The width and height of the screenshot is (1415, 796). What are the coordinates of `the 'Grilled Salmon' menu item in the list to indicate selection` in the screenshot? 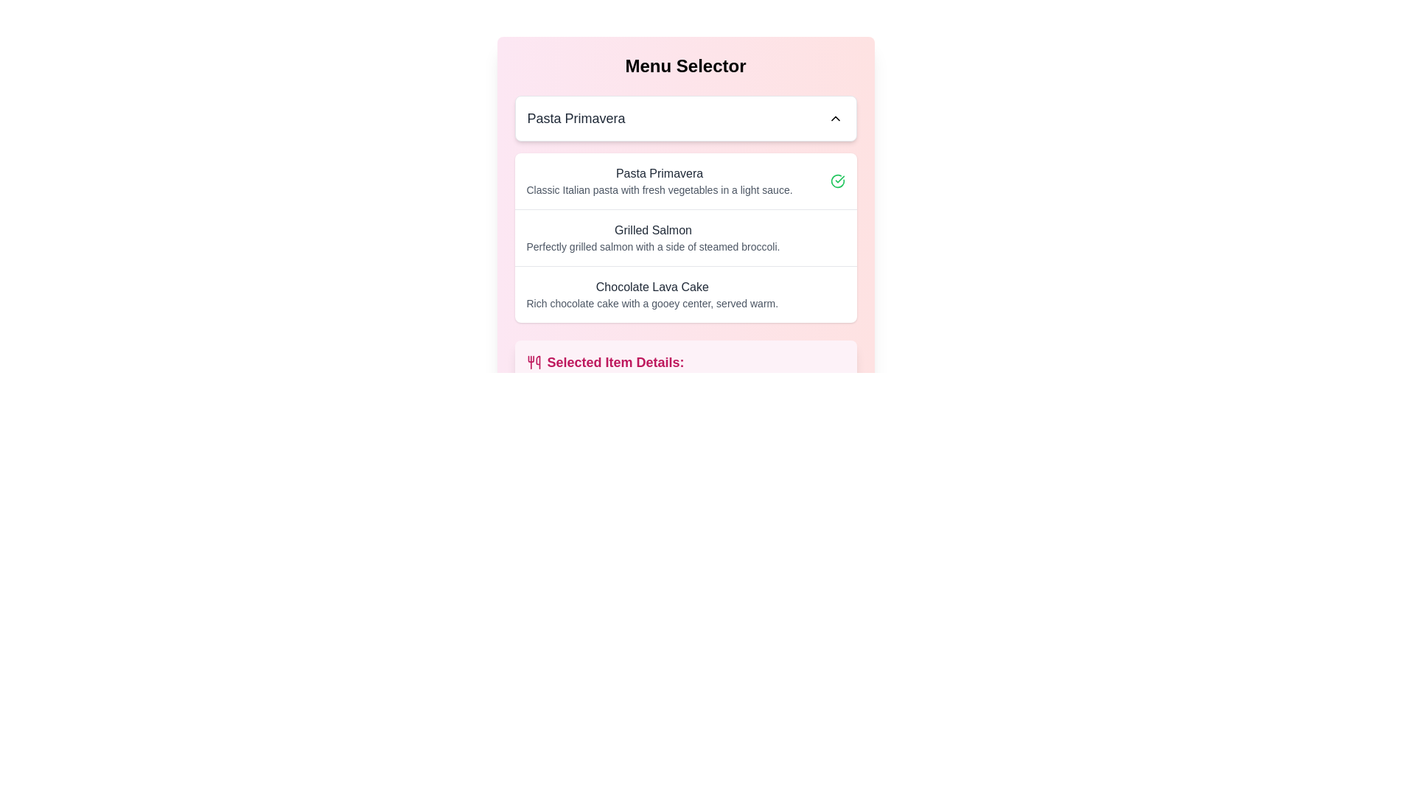 It's located at (685, 237).